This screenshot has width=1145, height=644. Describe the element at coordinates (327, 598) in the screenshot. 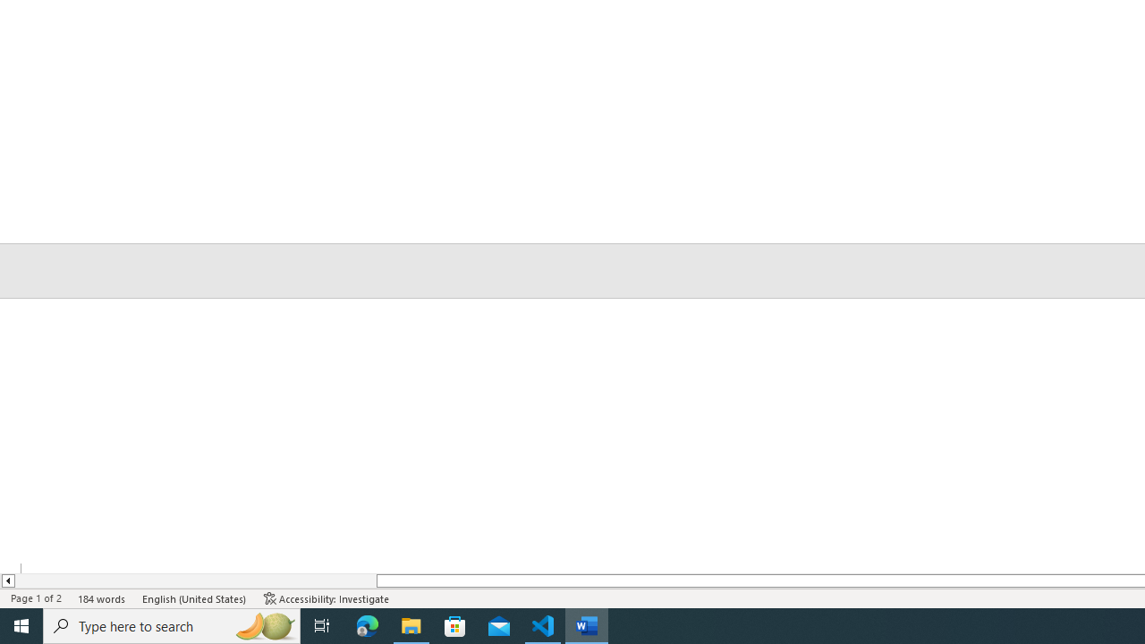

I see `'Accessibility Checker Accessibility: Investigate'` at that location.